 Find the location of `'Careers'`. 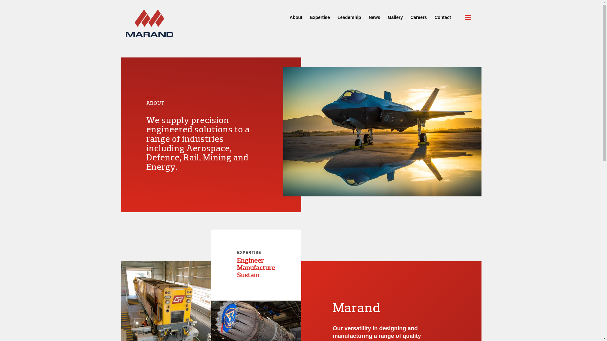

'Careers' is located at coordinates (419, 14).